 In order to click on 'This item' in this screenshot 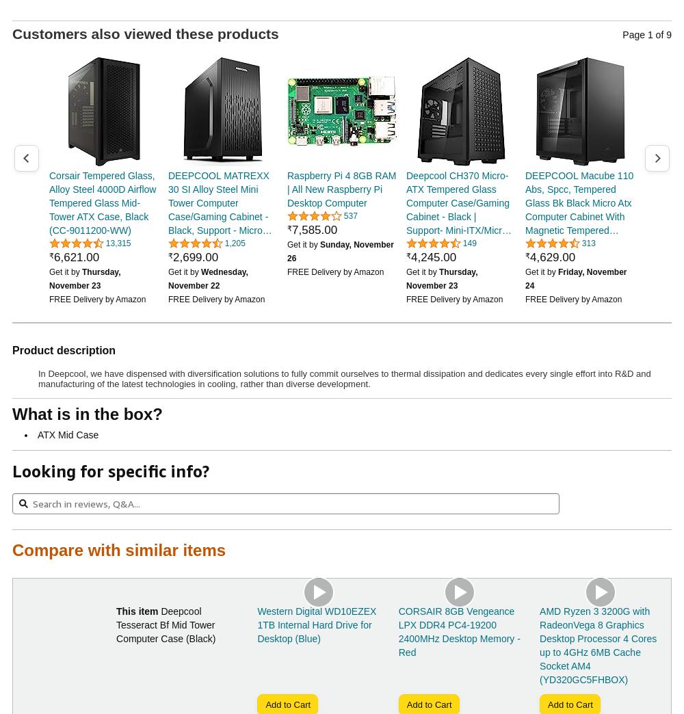, I will do `click(137, 611)`.